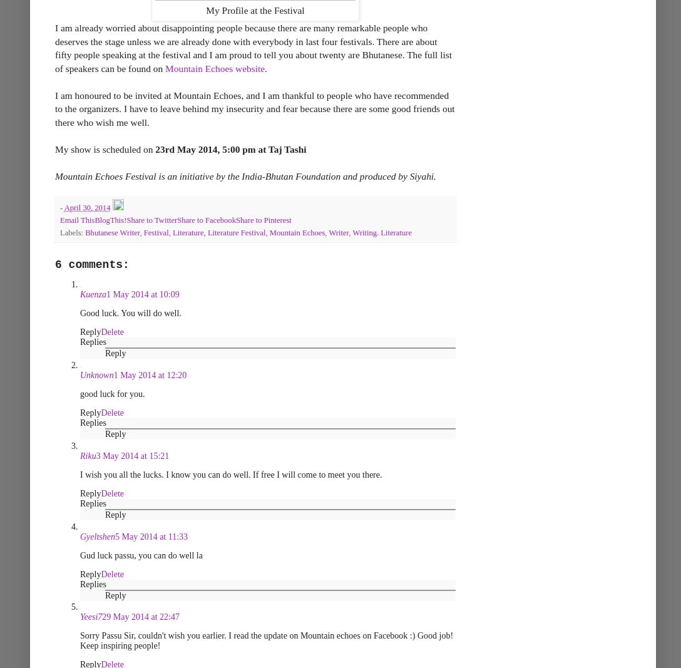 This screenshot has width=681, height=668. I want to click on 'BlogThis!', so click(110, 220).